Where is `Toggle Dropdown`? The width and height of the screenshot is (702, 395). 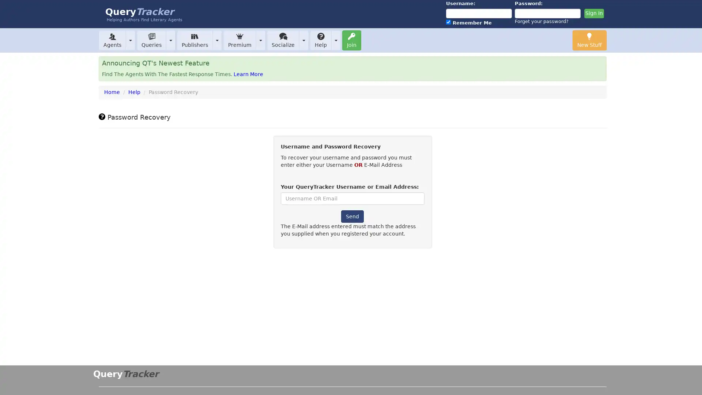 Toggle Dropdown is located at coordinates (170, 40).